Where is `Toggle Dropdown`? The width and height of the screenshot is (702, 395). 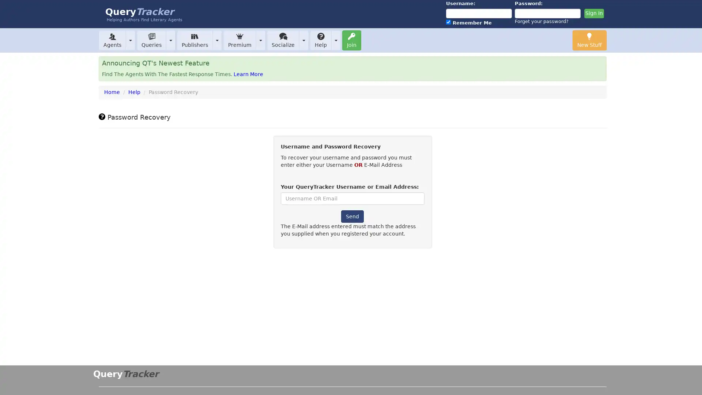 Toggle Dropdown is located at coordinates (170, 40).